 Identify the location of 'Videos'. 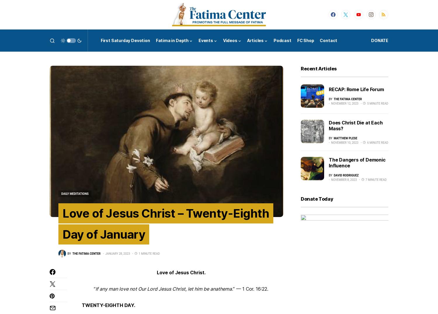
(230, 40).